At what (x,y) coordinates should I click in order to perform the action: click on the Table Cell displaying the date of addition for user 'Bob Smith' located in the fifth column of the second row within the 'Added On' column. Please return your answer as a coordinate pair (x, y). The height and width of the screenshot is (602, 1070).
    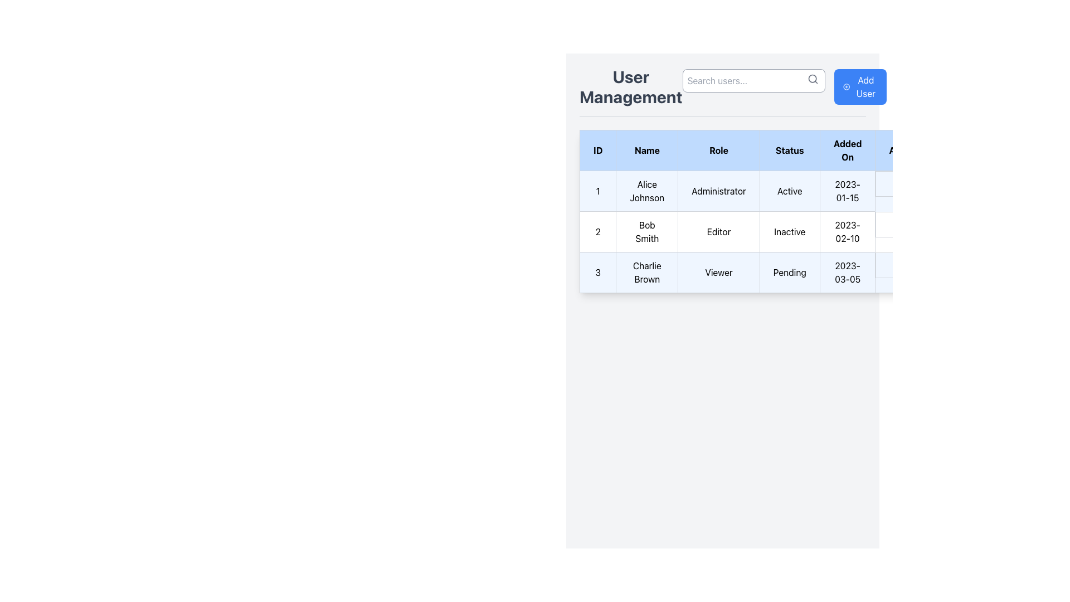
    Looking at the image, I should click on (847, 231).